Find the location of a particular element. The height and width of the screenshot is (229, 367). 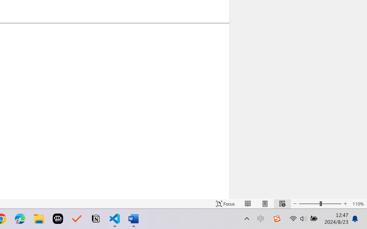

'Zoom 110%' is located at coordinates (358, 204).